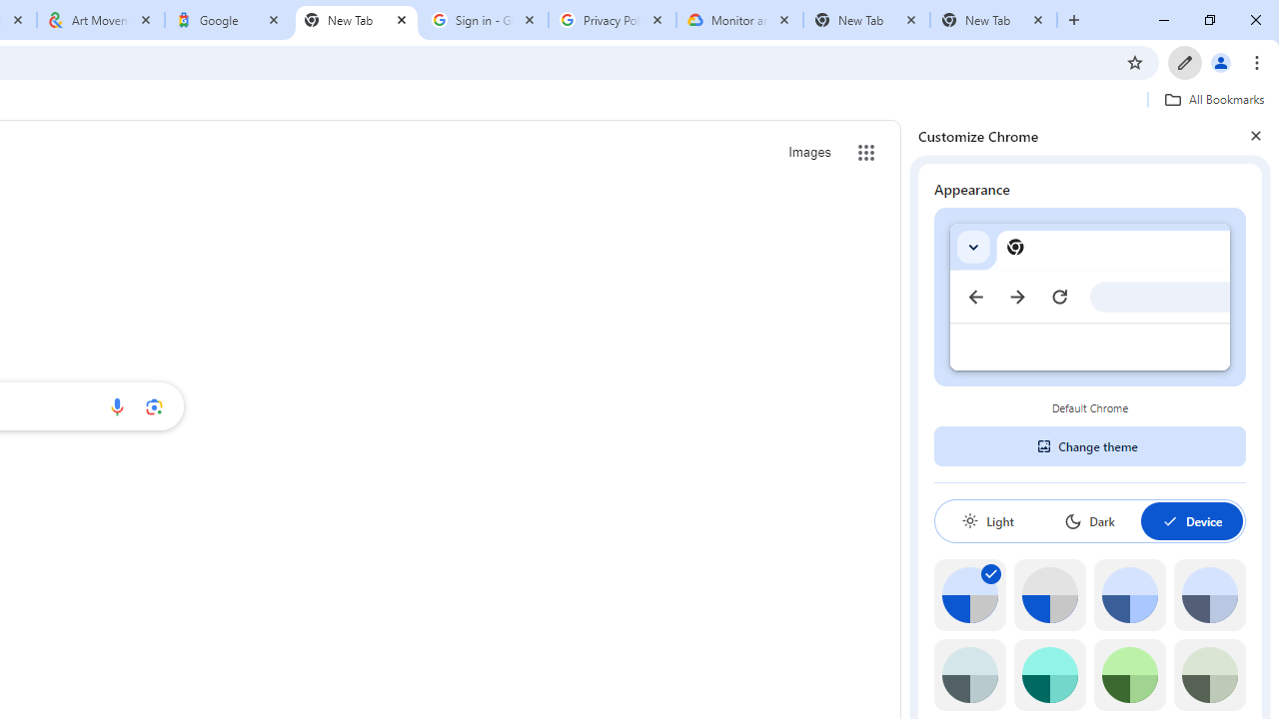 The height and width of the screenshot is (719, 1279). Describe the element at coordinates (1191, 520) in the screenshot. I see `'Device'` at that location.